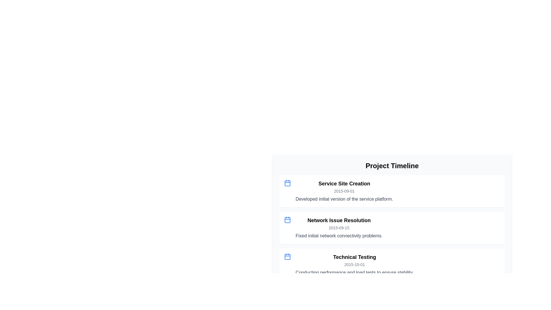 The height and width of the screenshot is (310, 551). Describe the element at coordinates (392, 264) in the screenshot. I see `the List item titled 'Technical Testing'` at that location.